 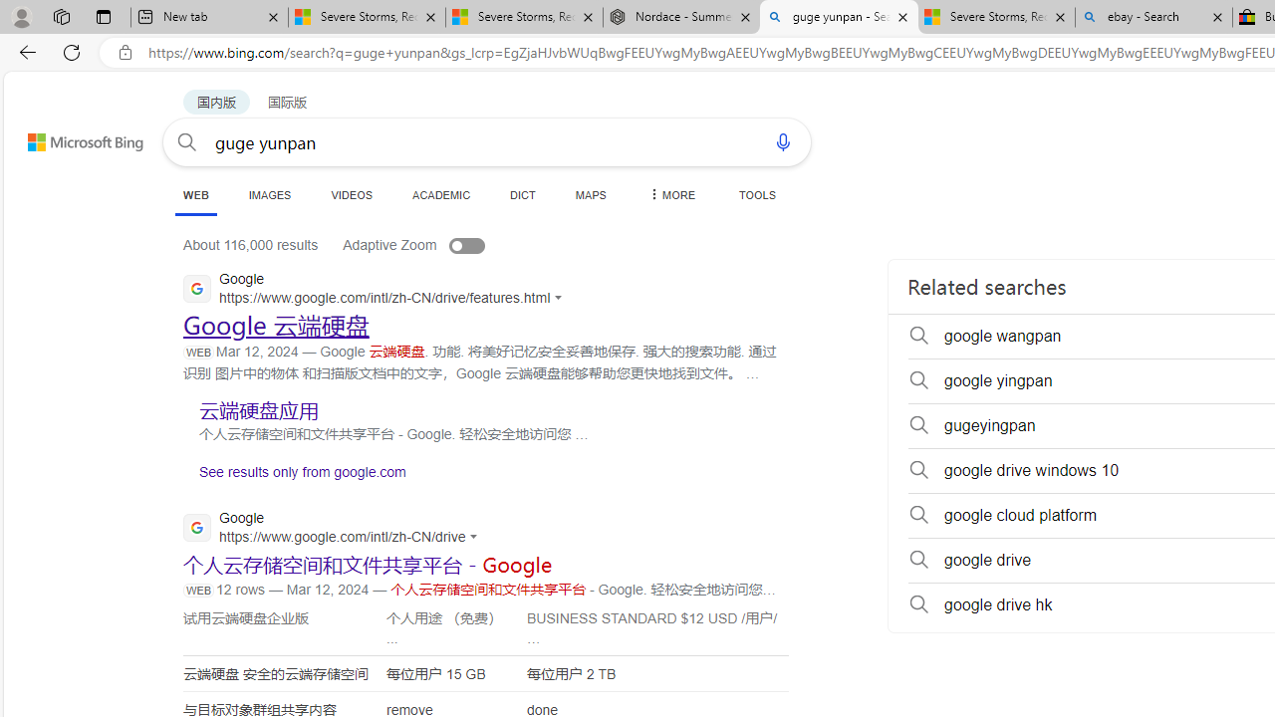 What do you see at coordinates (756, 194) in the screenshot?
I see `'TOOLS'` at bounding box center [756, 194].